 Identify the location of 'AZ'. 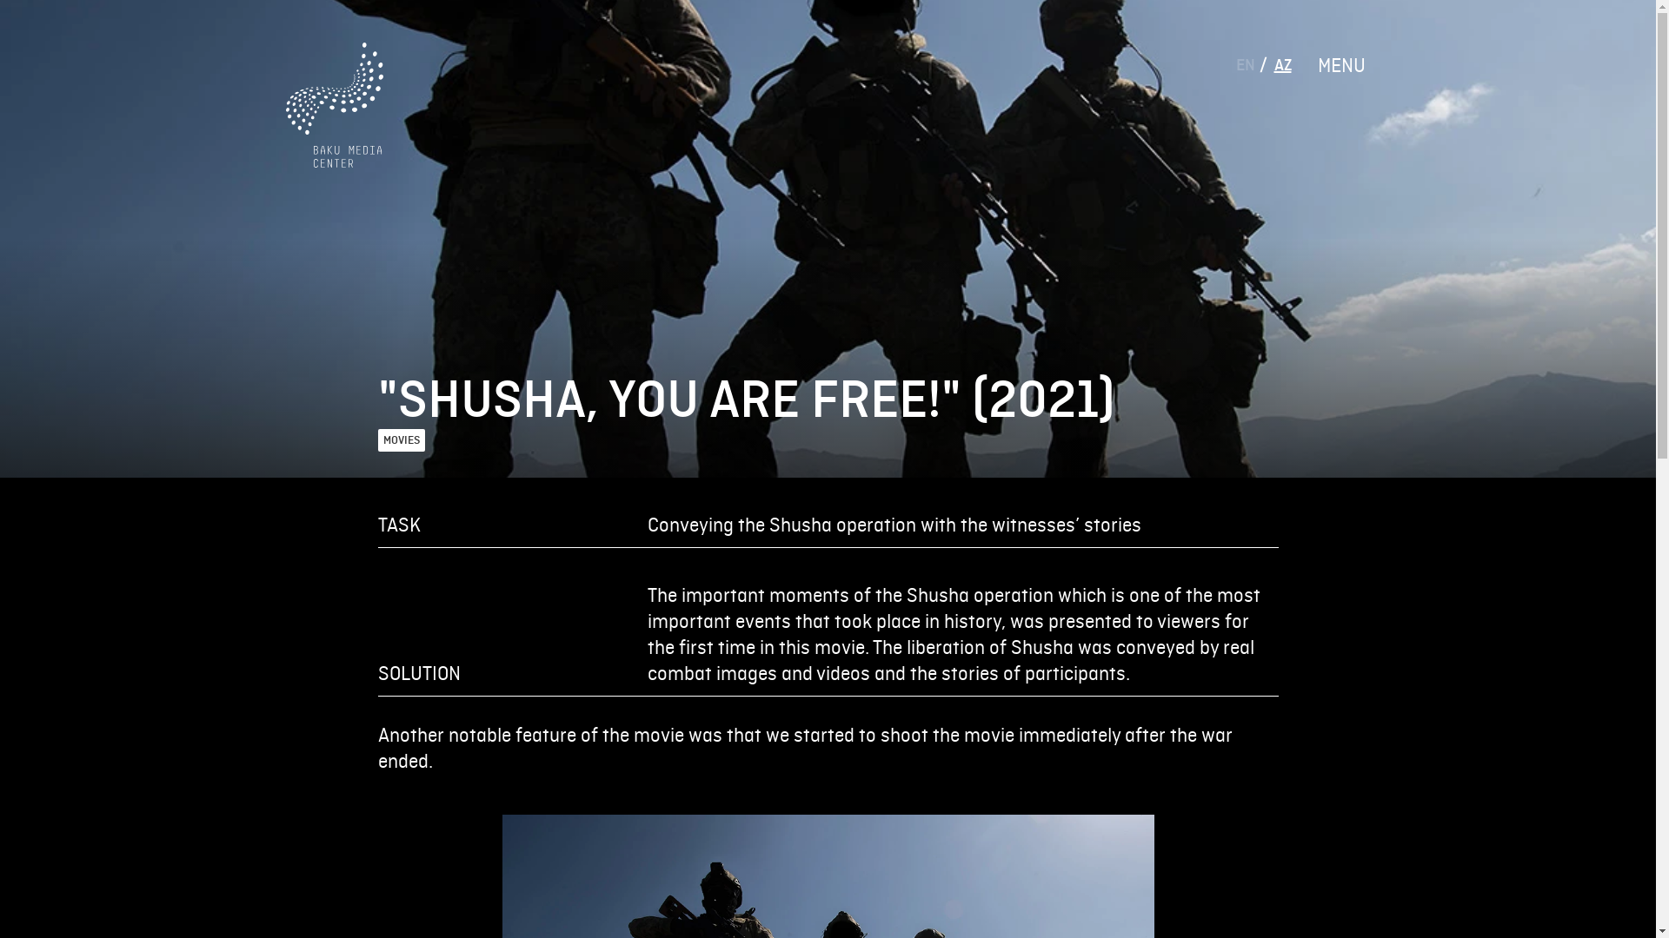
(1283, 63).